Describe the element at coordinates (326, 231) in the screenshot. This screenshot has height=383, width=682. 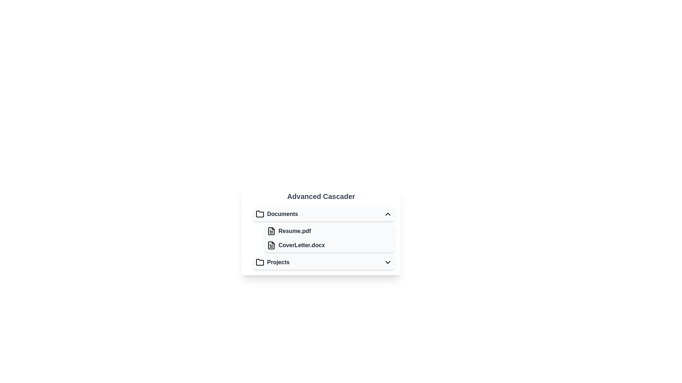
I see `the file item labeled 'Resume.pdf'` at that location.